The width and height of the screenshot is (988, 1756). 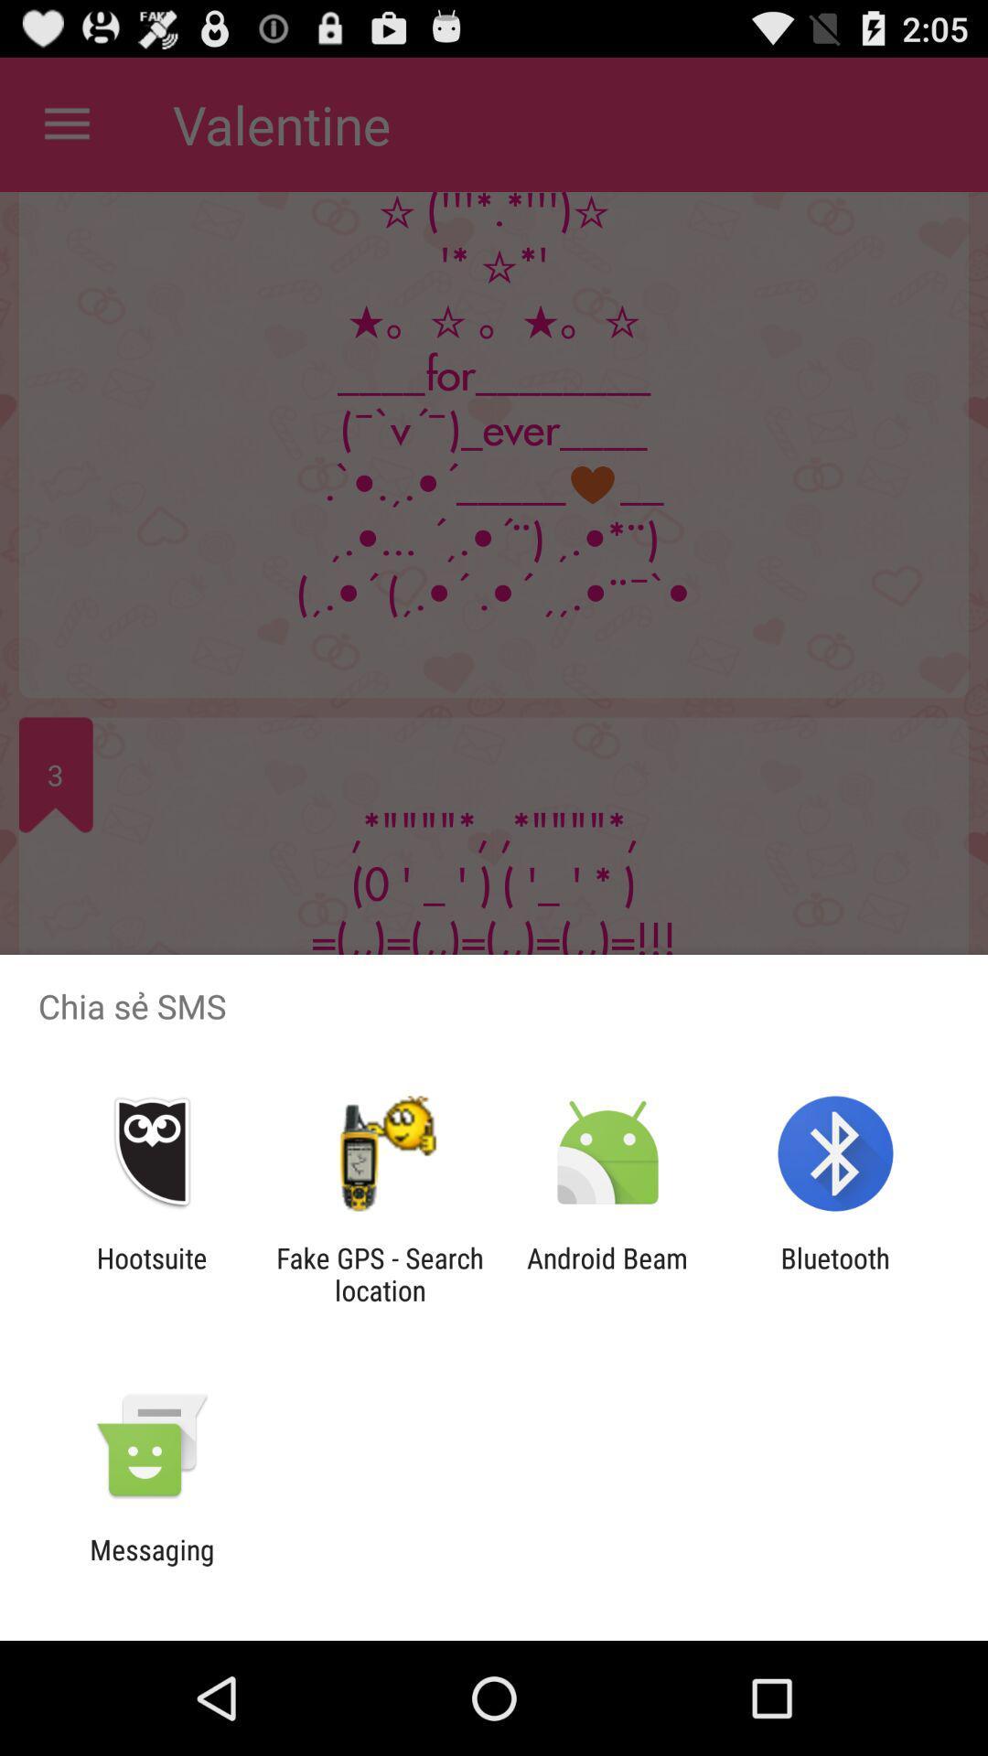 What do you see at coordinates (379, 1273) in the screenshot?
I see `the app next to hootsuite app` at bounding box center [379, 1273].